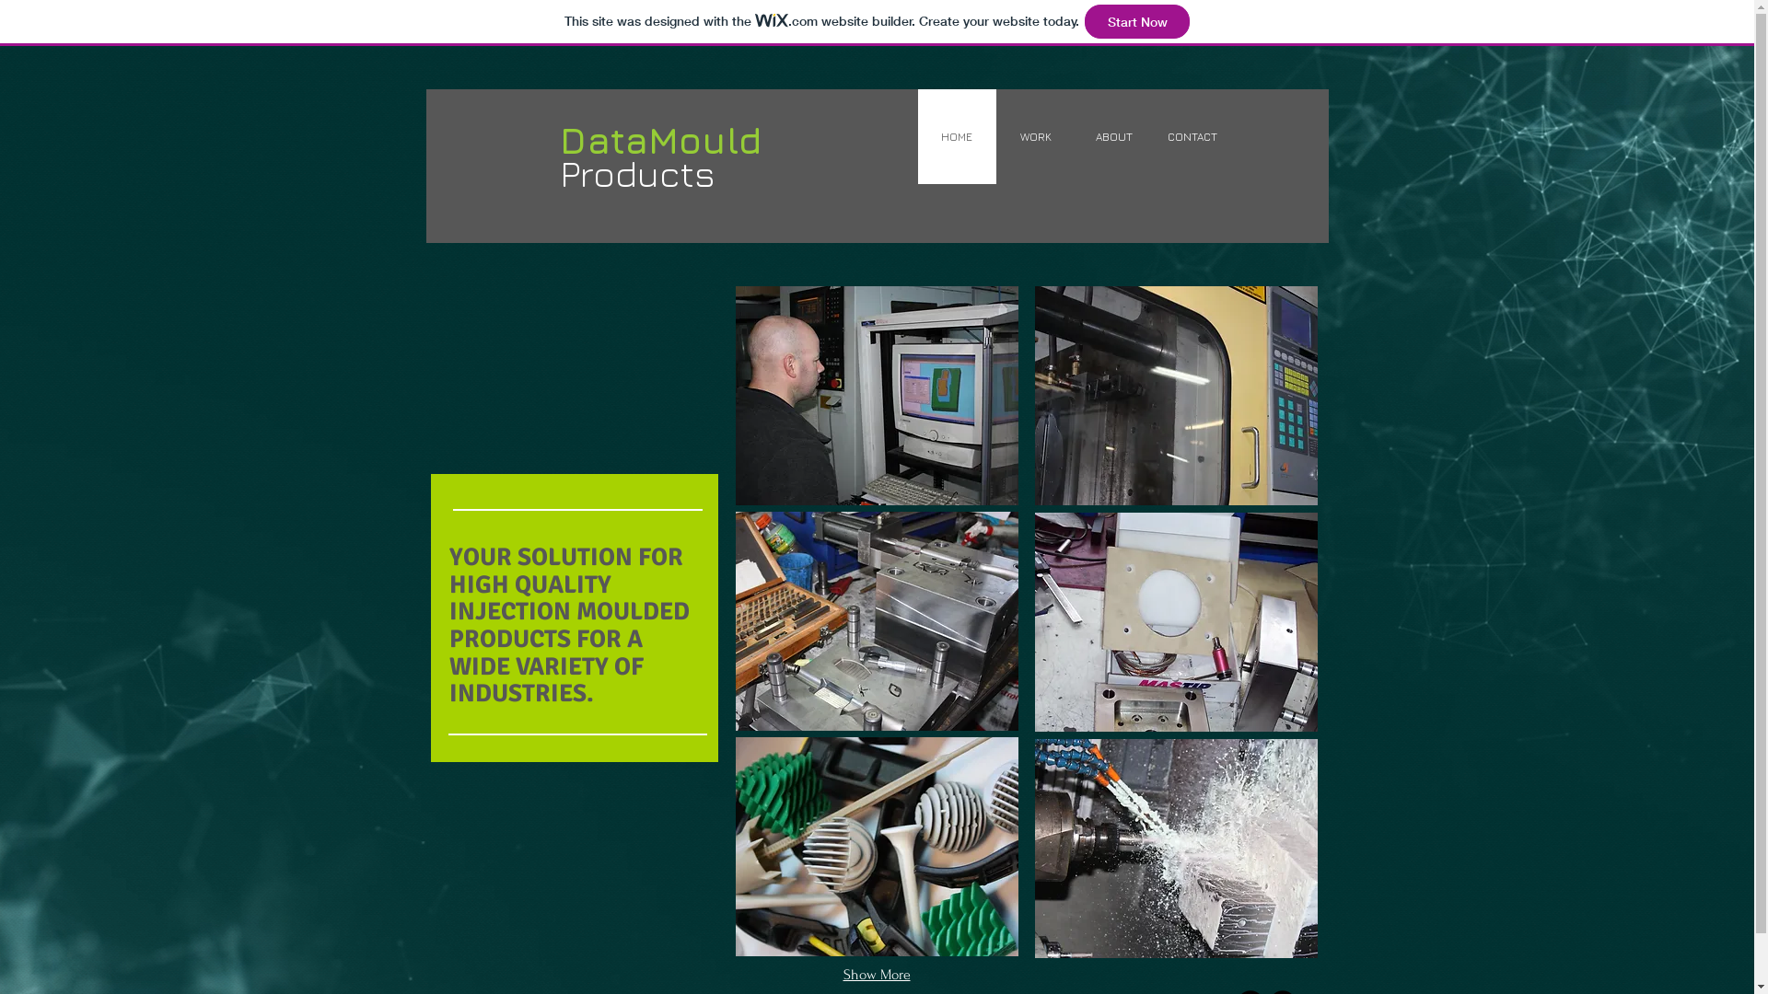 The width and height of the screenshot is (1768, 994). What do you see at coordinates (1035, 135) in the screenshot?
I see `'WORK'` at bounding box center [1035, 135].